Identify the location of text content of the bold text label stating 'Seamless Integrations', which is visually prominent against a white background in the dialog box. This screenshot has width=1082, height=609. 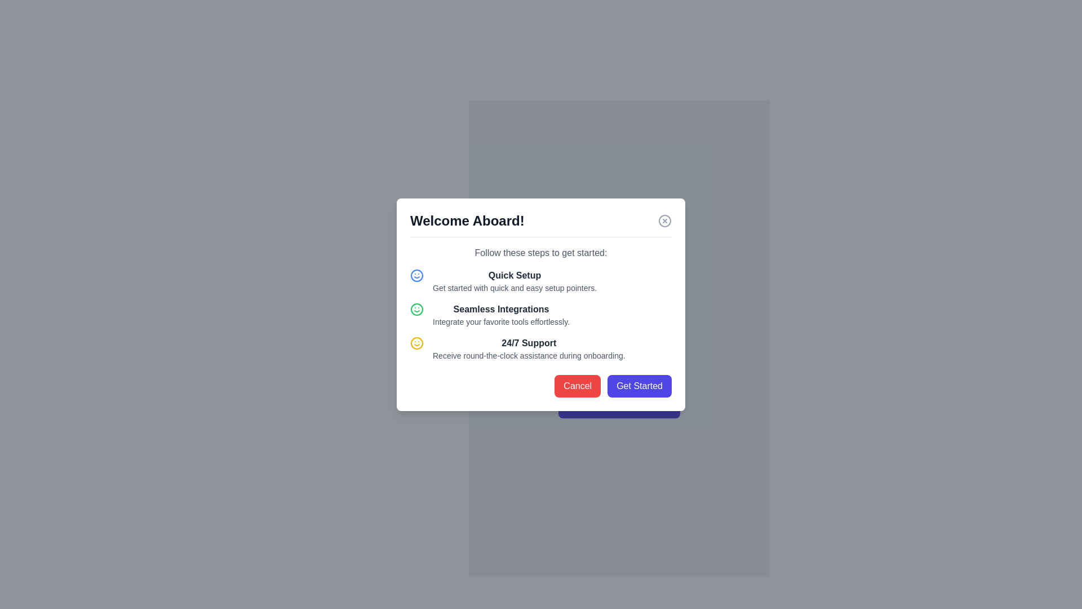
(500, 309).